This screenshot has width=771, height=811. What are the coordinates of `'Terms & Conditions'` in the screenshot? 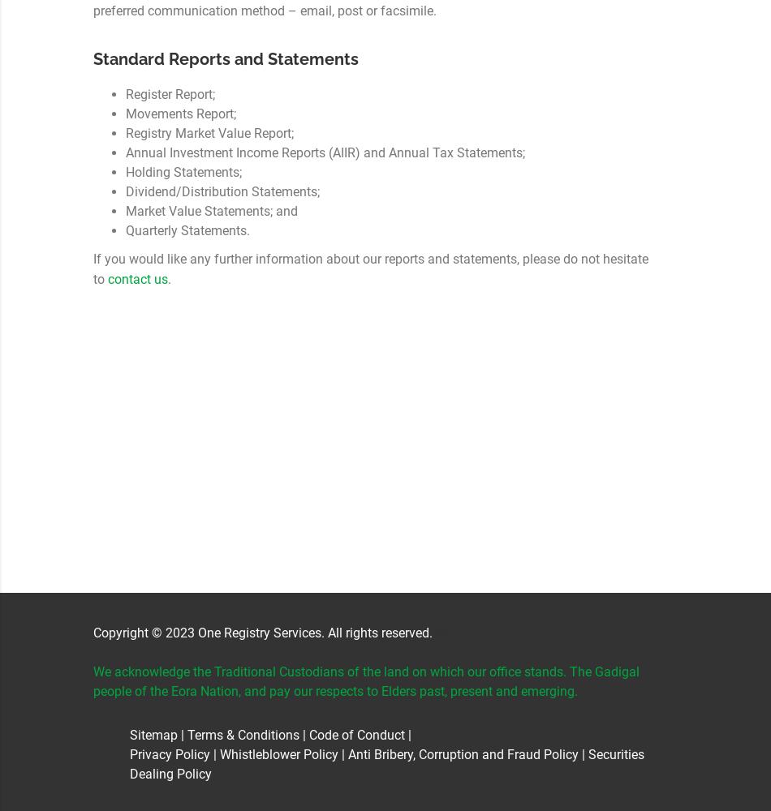 It's located at (243, 735).